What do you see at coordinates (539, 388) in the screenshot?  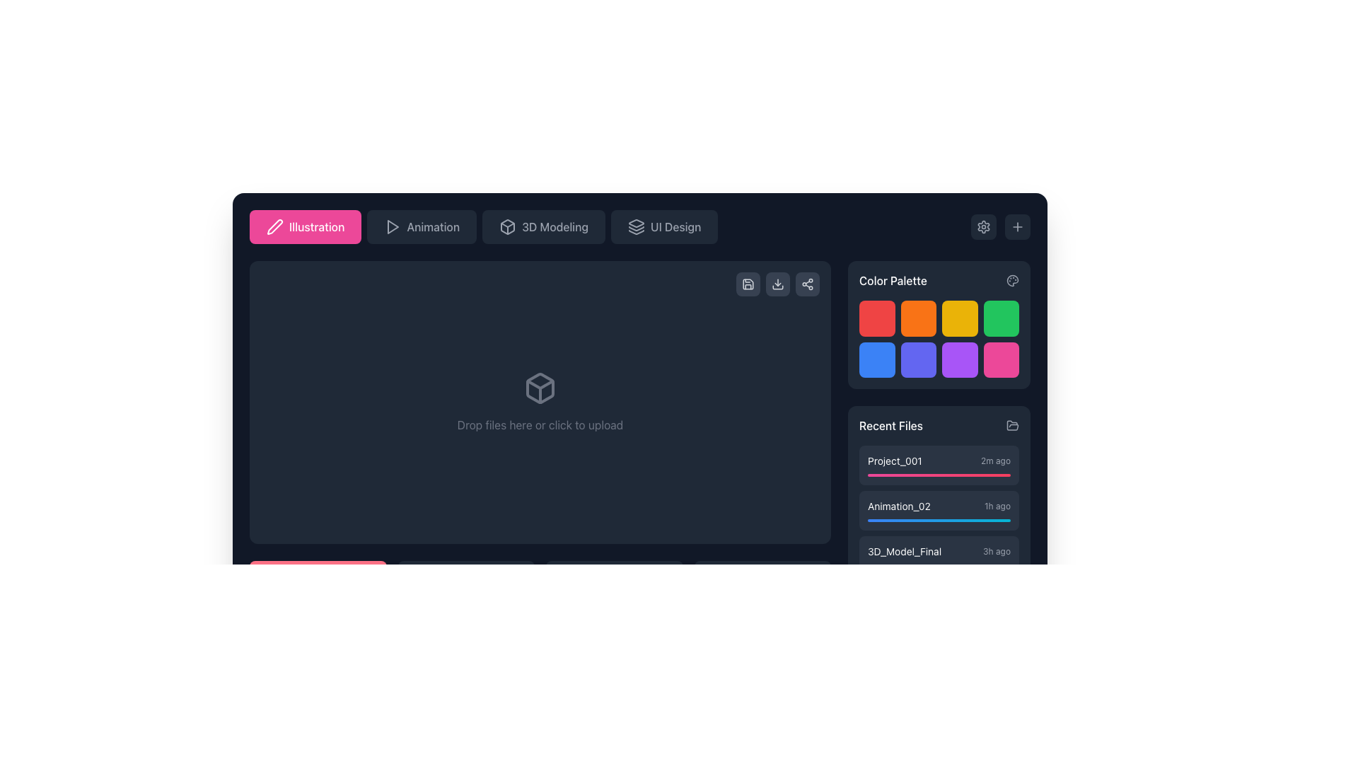 I see `the 3D cube icon with a geometric wireframe design located above the text prompt 'Drop files here or click to upload'` at bounding box center [539, 388].